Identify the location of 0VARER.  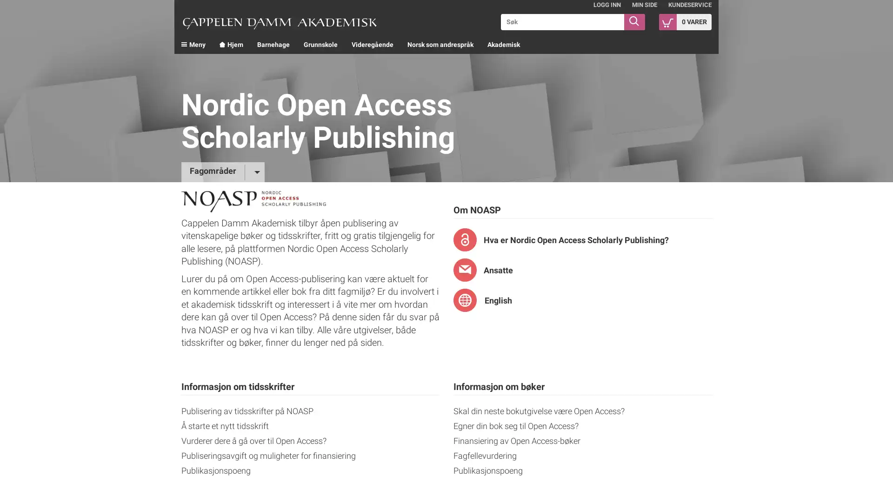
(685, 21).